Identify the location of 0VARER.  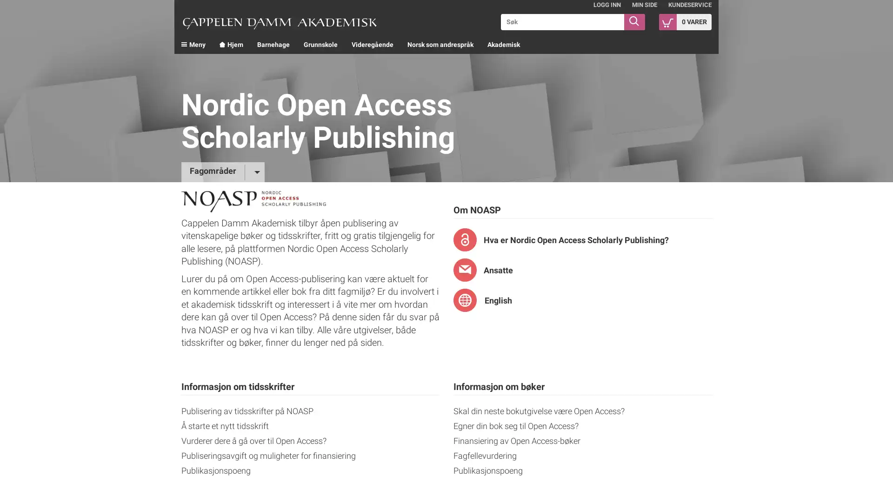
(685, 21).